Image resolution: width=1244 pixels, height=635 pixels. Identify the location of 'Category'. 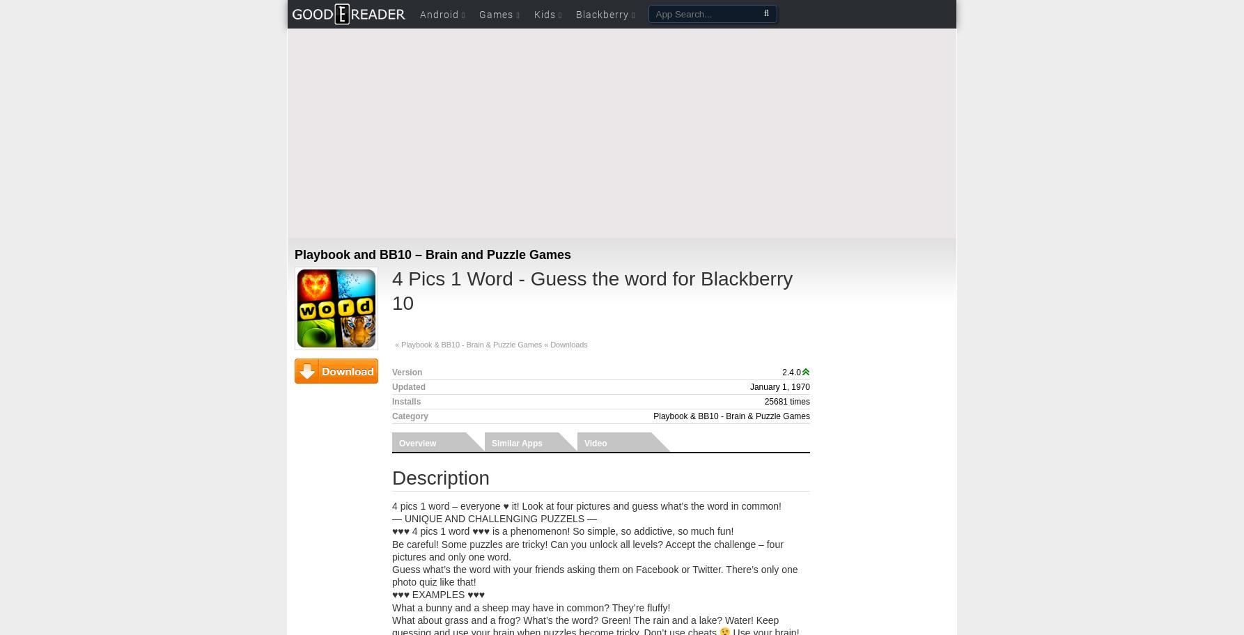
(410, 415).